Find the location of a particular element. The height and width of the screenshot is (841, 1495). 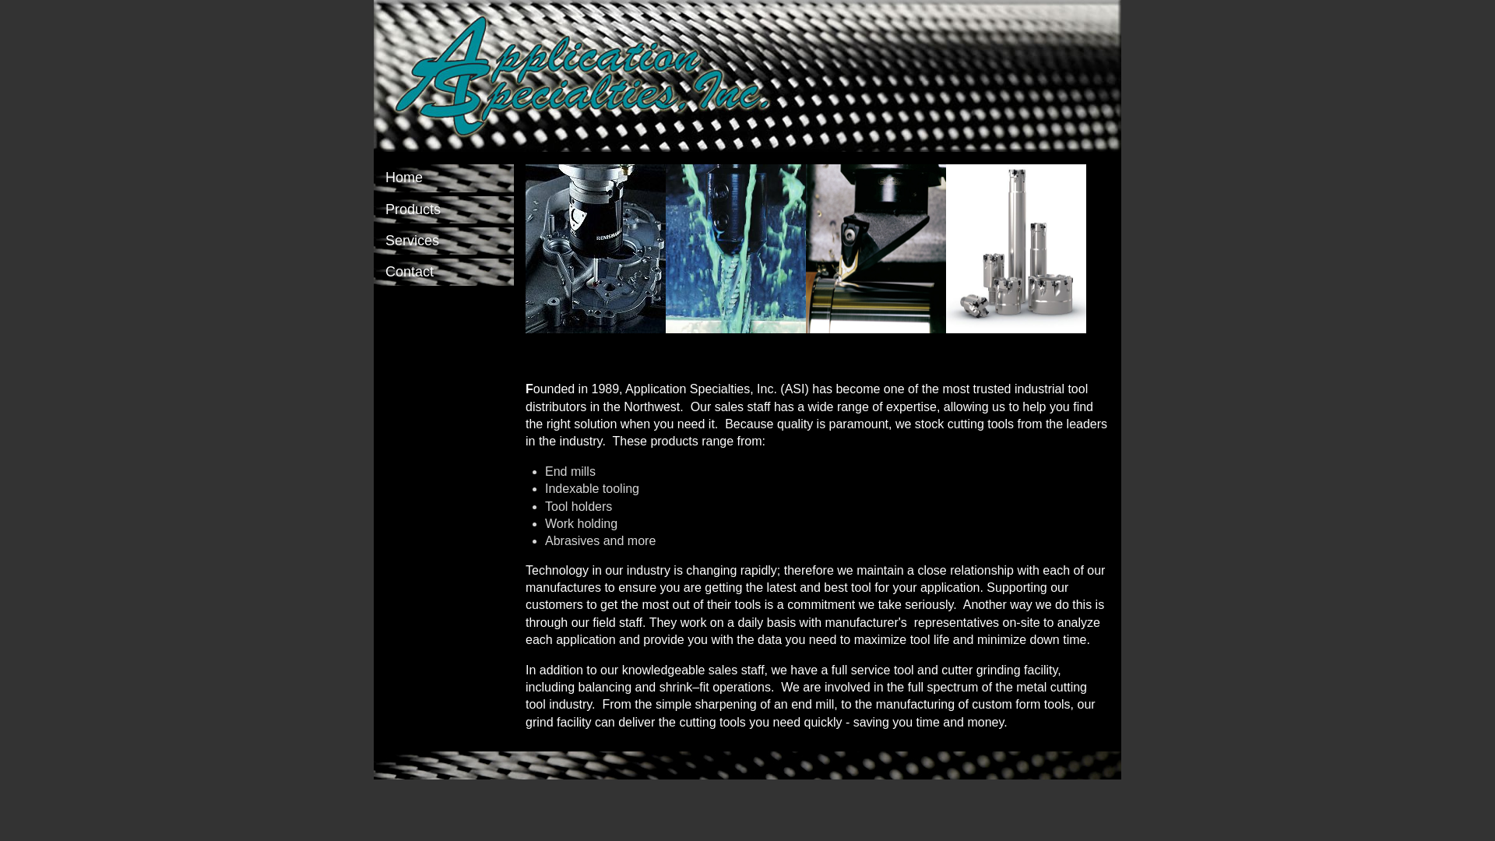

'Products' is located at coordinates (443, 209).